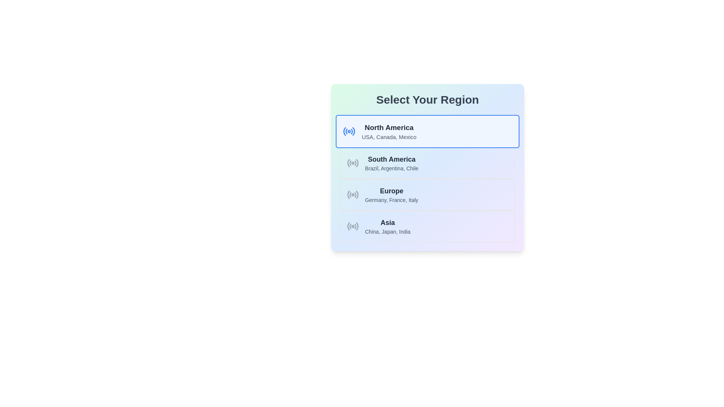 Image resolution: width=724 pixels, height=407 pixels. What do you see at coordinates (388, 231) in the screenshot?
I see `the static text label reading 'China, Japan, India', which is styled in a smaller font and colored in a lighter gray tone, located below the heading 'Asia'` at bounding box center [388, 231].